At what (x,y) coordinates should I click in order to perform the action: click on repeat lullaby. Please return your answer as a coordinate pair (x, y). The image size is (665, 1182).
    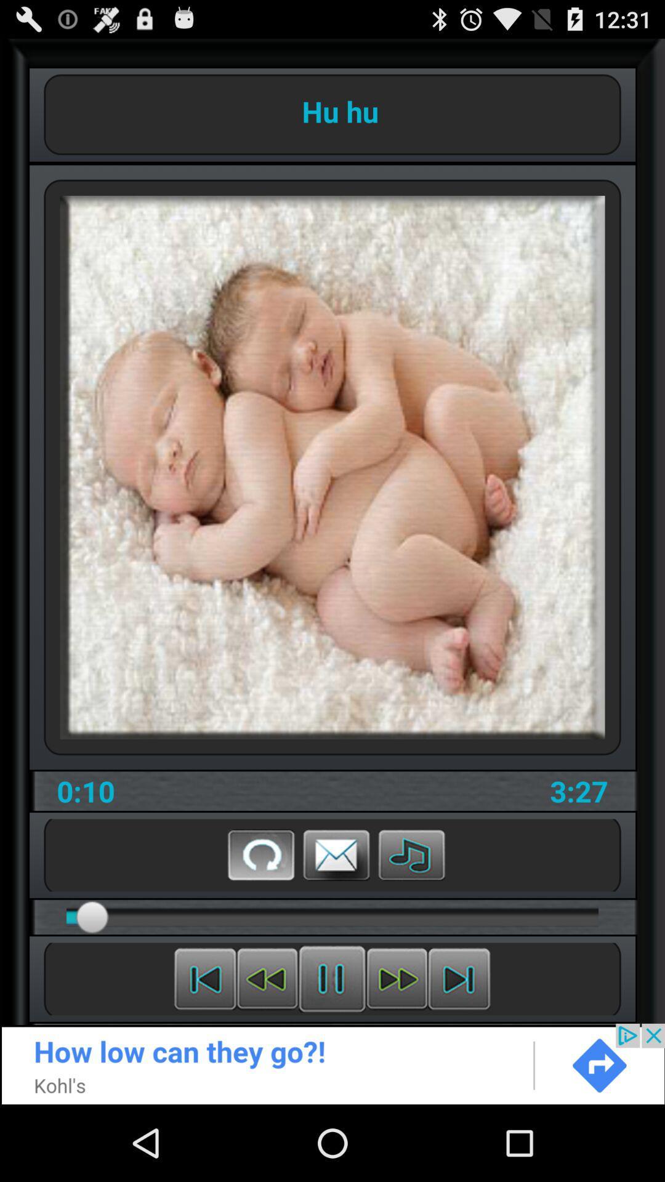
    Looking at the image, I should click on (260, 854).